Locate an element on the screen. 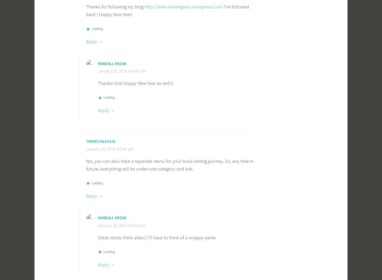 The height and width of the screenshot is (280, 382). 'January 23, 2016 at 3:47 pm' is located at coordinates (122, 71).